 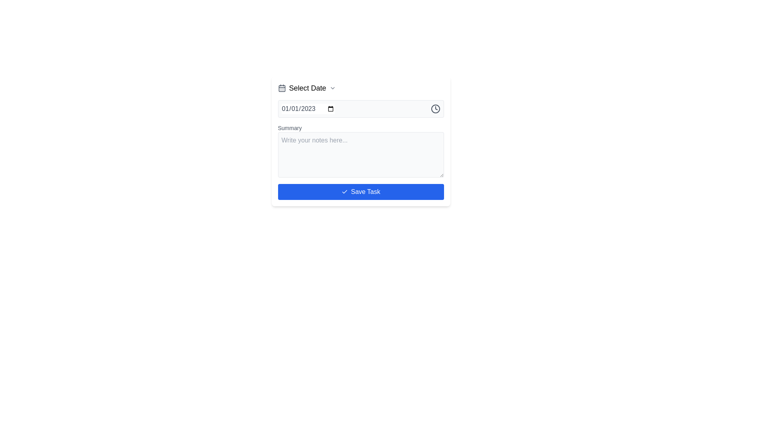 I want to click on the 'Save Task' button with a blue background and white text, so click(x=360, y=192).